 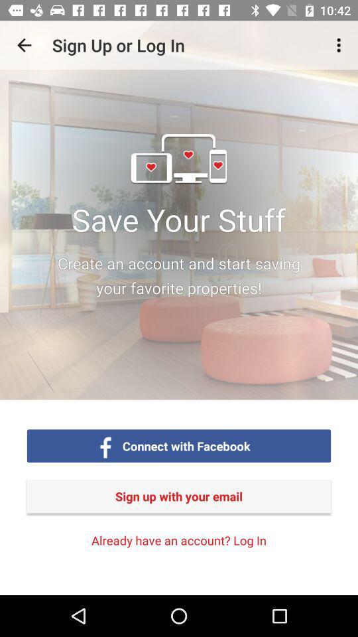 What do you see at coordinates (179, 496) in the screenshot?
I see `the text below blue box` at bounding box center [179, 496].